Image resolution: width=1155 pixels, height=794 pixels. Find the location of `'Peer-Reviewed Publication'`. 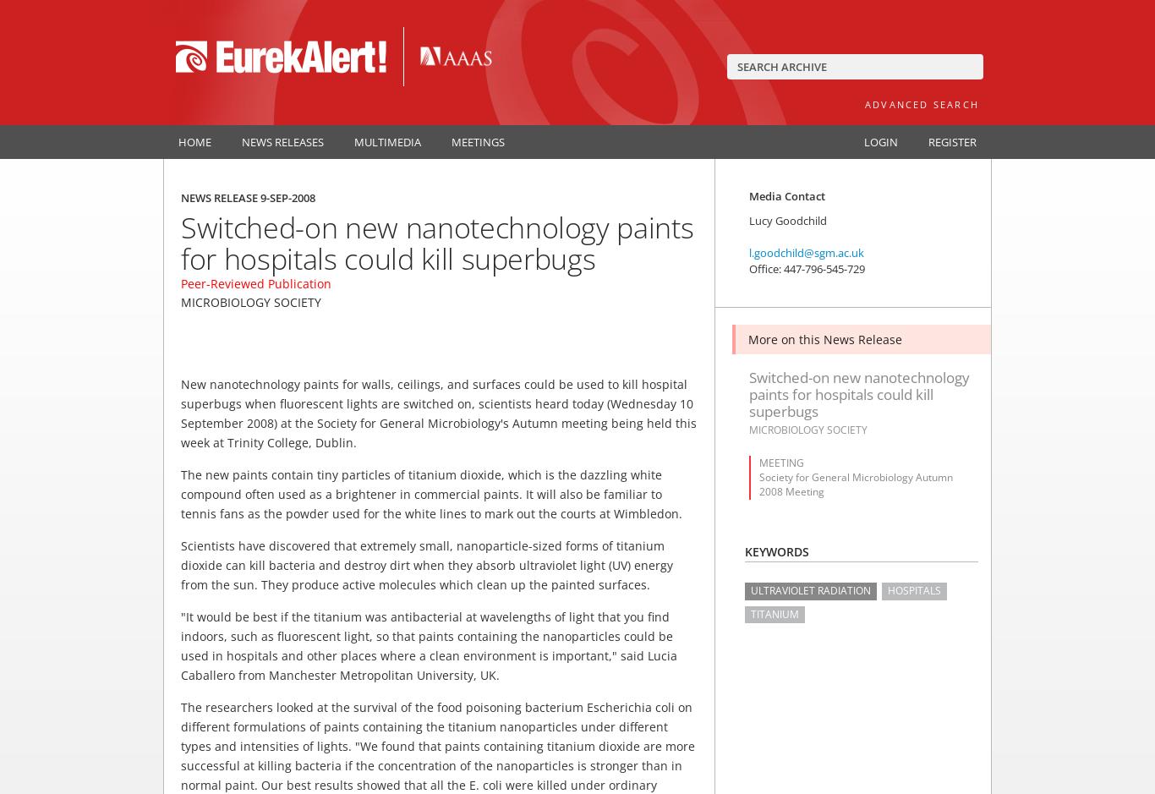

'Peer-Reviewed Publication' is located at coordinates (255, 282).